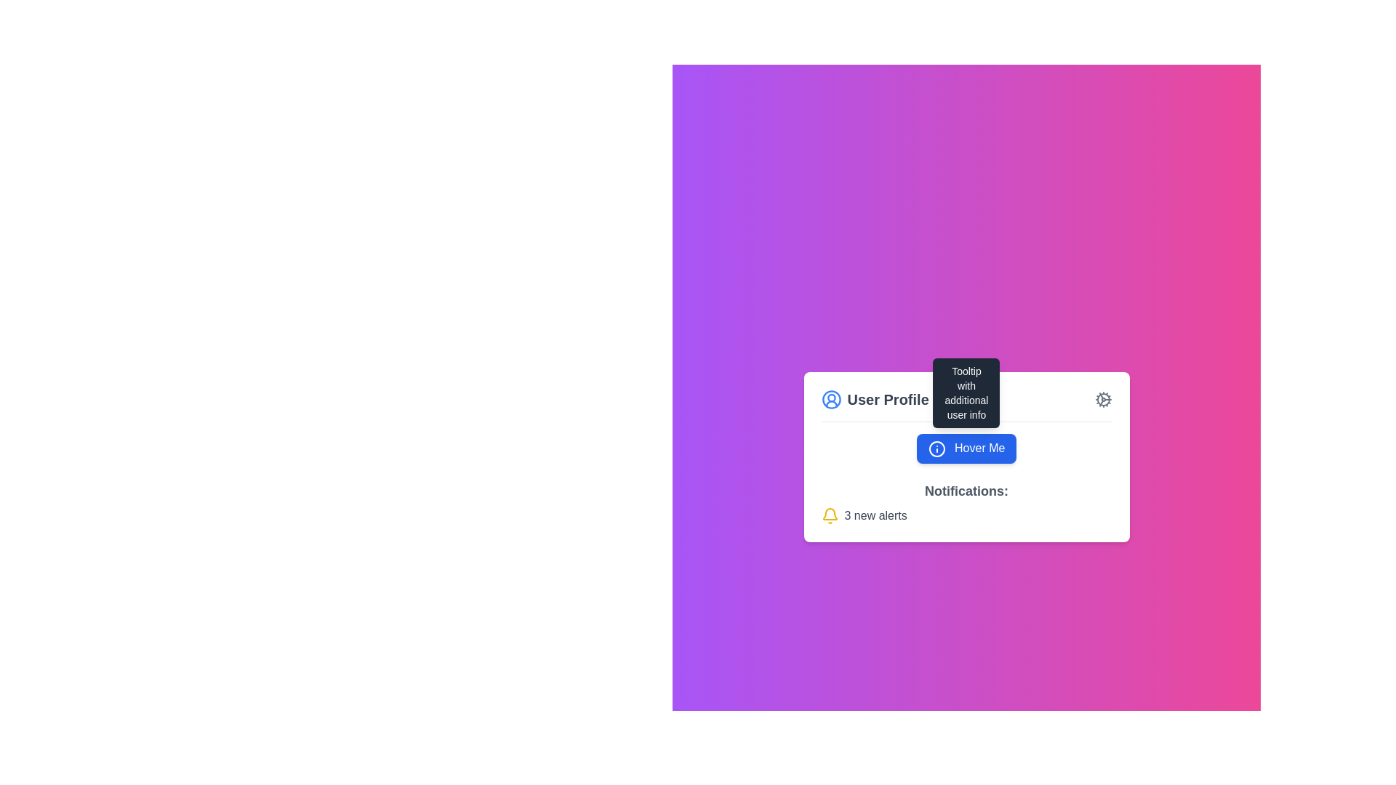 This screenshot has height=785, width=1396. I want to click on the Notification Icon that signifies new alerts, located next to the '3 new alerts' text in the notification area, so click(830, 515).